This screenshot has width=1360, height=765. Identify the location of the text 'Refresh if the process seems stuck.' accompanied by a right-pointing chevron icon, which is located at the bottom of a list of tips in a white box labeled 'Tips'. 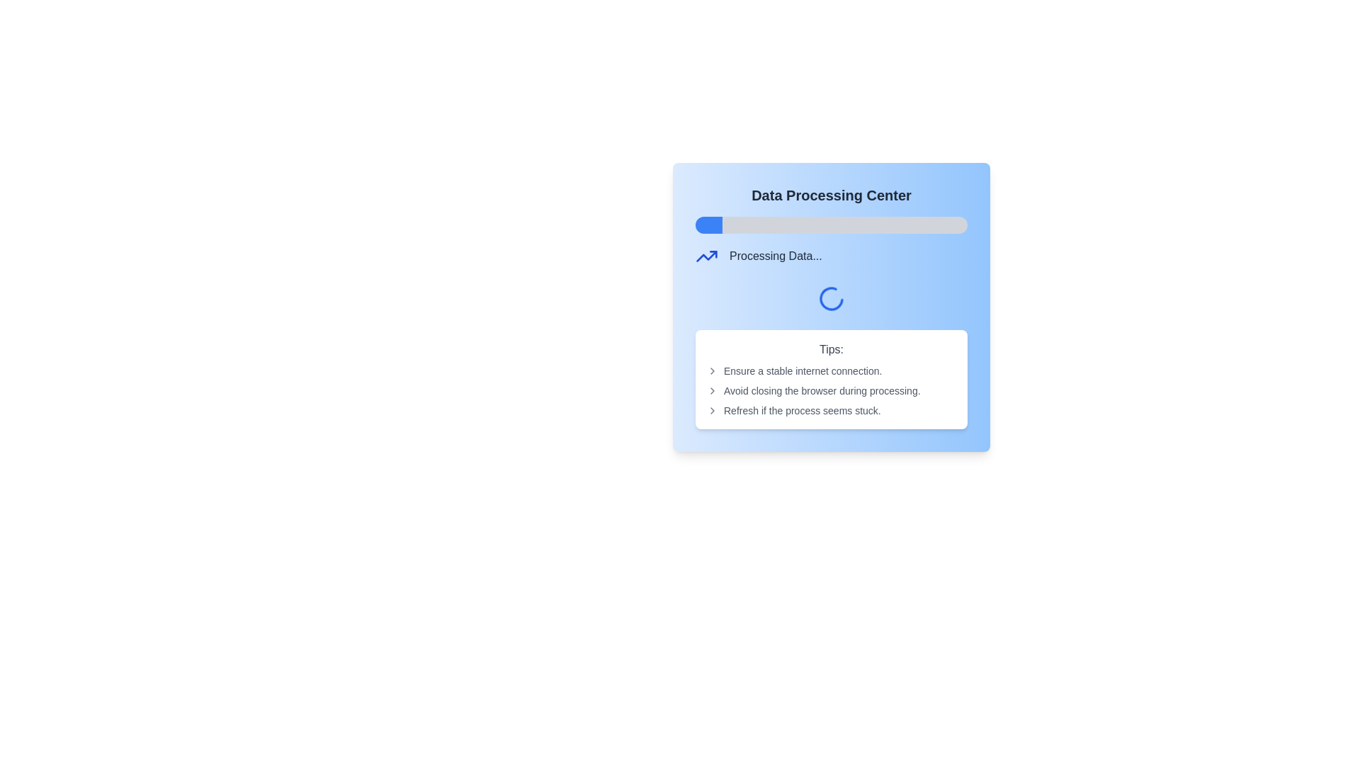
(832, 410).